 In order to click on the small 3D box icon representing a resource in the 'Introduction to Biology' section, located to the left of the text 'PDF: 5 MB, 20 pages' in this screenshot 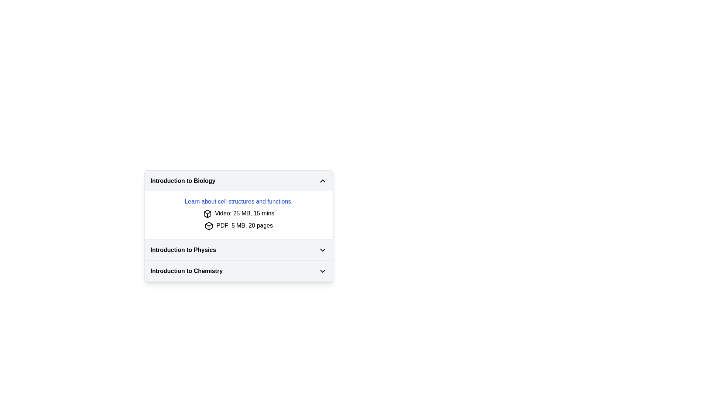, I will do `click(207, 214)`.